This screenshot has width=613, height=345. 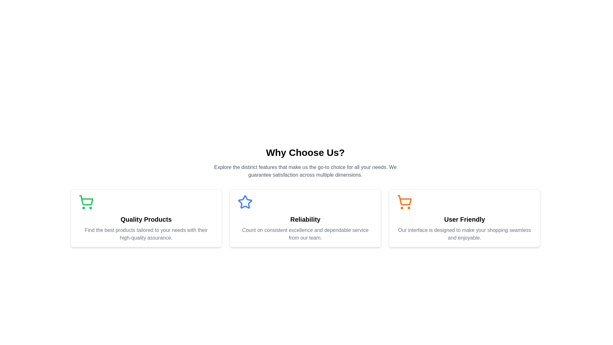 I want to click on the orange shopping cart icon located in the 'User Friendly' section, which is the semi-rectangular base of the shopping cart icon in the third card from the left on the bottom row, so click(x=404, y=200).